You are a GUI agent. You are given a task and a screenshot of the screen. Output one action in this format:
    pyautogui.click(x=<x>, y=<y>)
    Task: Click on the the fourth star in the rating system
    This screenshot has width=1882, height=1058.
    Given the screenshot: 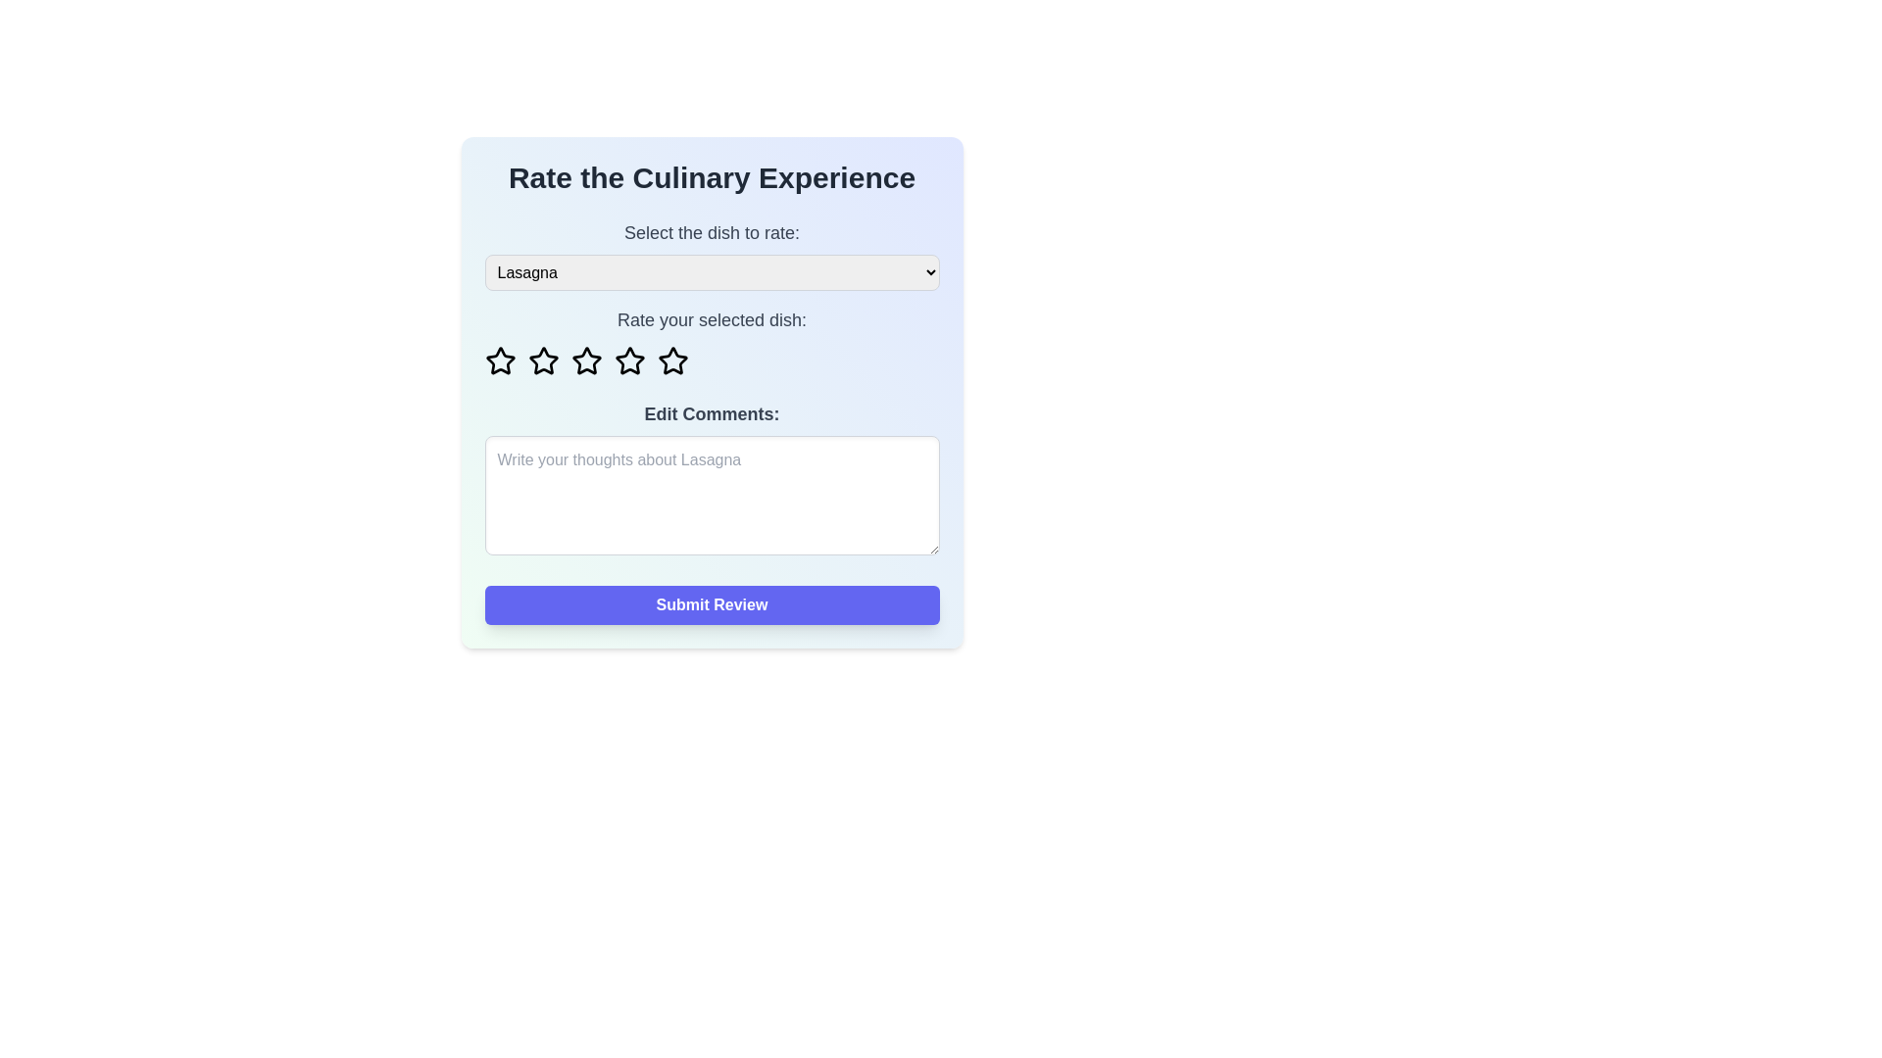 What is the action you would take?
    pyautogui.click(x=629, y=361)
    